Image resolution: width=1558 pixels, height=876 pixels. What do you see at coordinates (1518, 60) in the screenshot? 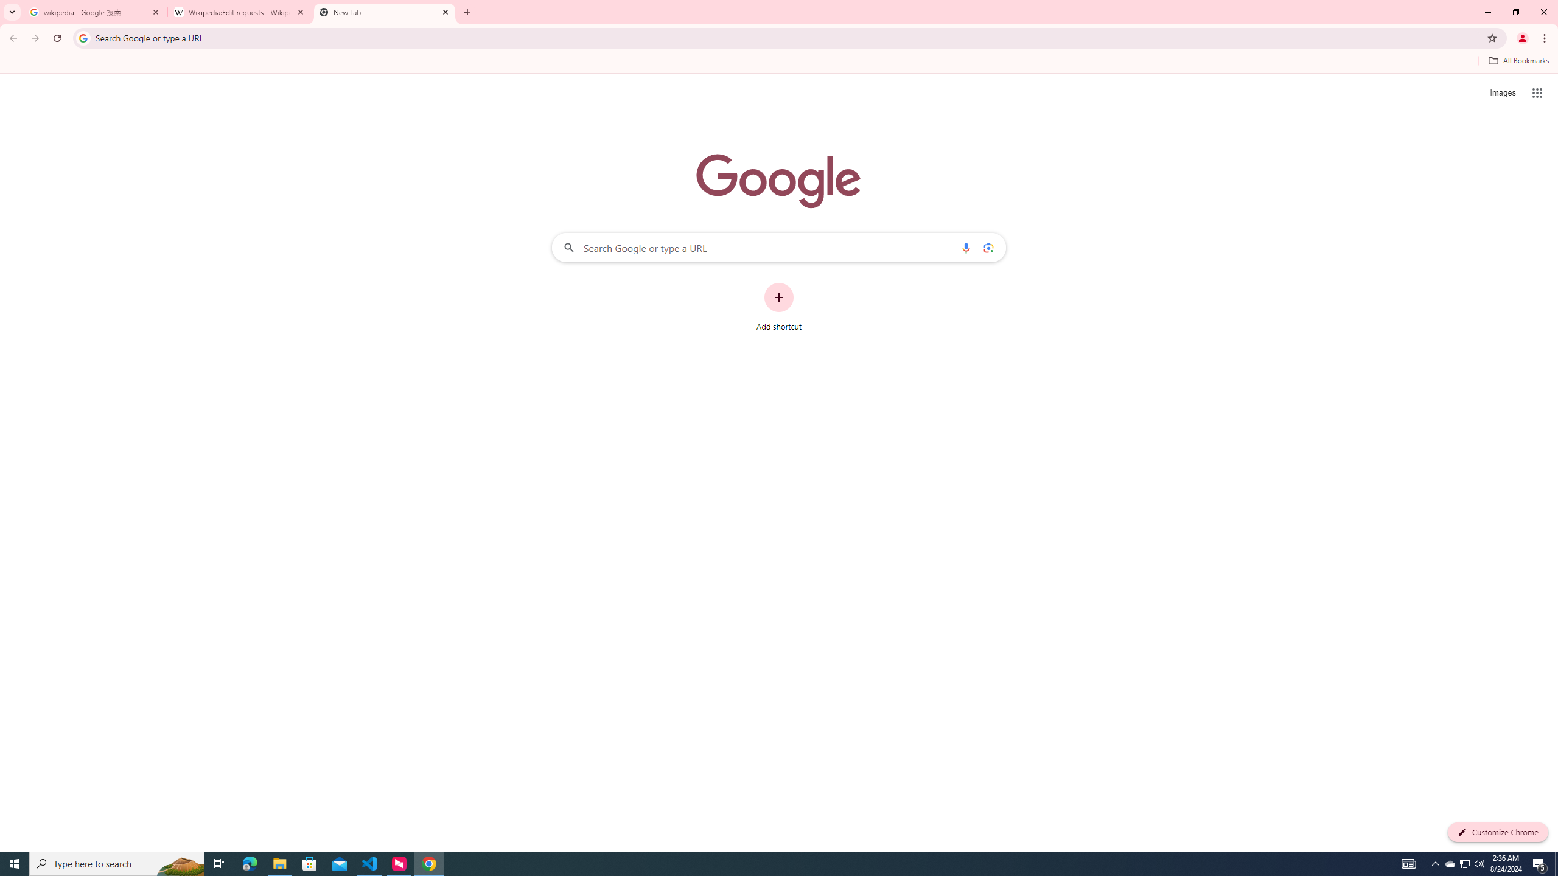
I see `'All Bookmarks'` at bounding box center [1518, 60].